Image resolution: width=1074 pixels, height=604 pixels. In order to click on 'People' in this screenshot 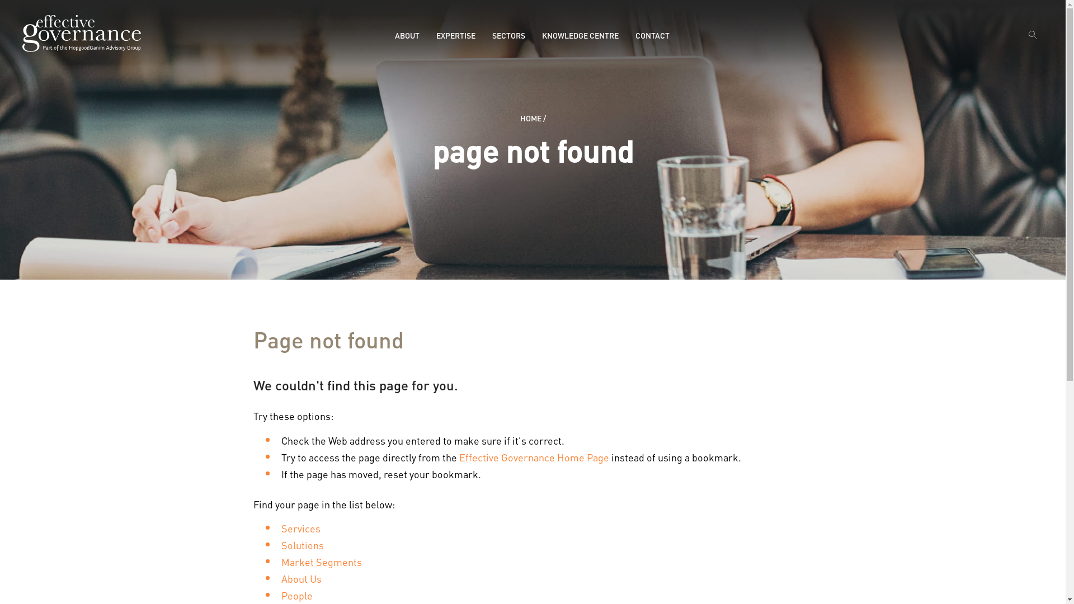, I will do `click(296, 594)`.